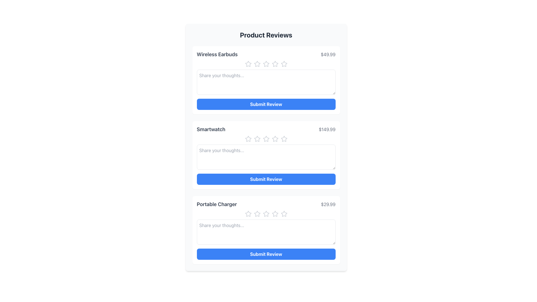 The image size is (537, 302). What do you see at coordinates (266, 139) in the screenshot?
I see `the third star icon in the rating section for the 'Smartwatch' product, which is visually identical to the other star icons and styled with a grayish color` at bounding box center [266, 139].